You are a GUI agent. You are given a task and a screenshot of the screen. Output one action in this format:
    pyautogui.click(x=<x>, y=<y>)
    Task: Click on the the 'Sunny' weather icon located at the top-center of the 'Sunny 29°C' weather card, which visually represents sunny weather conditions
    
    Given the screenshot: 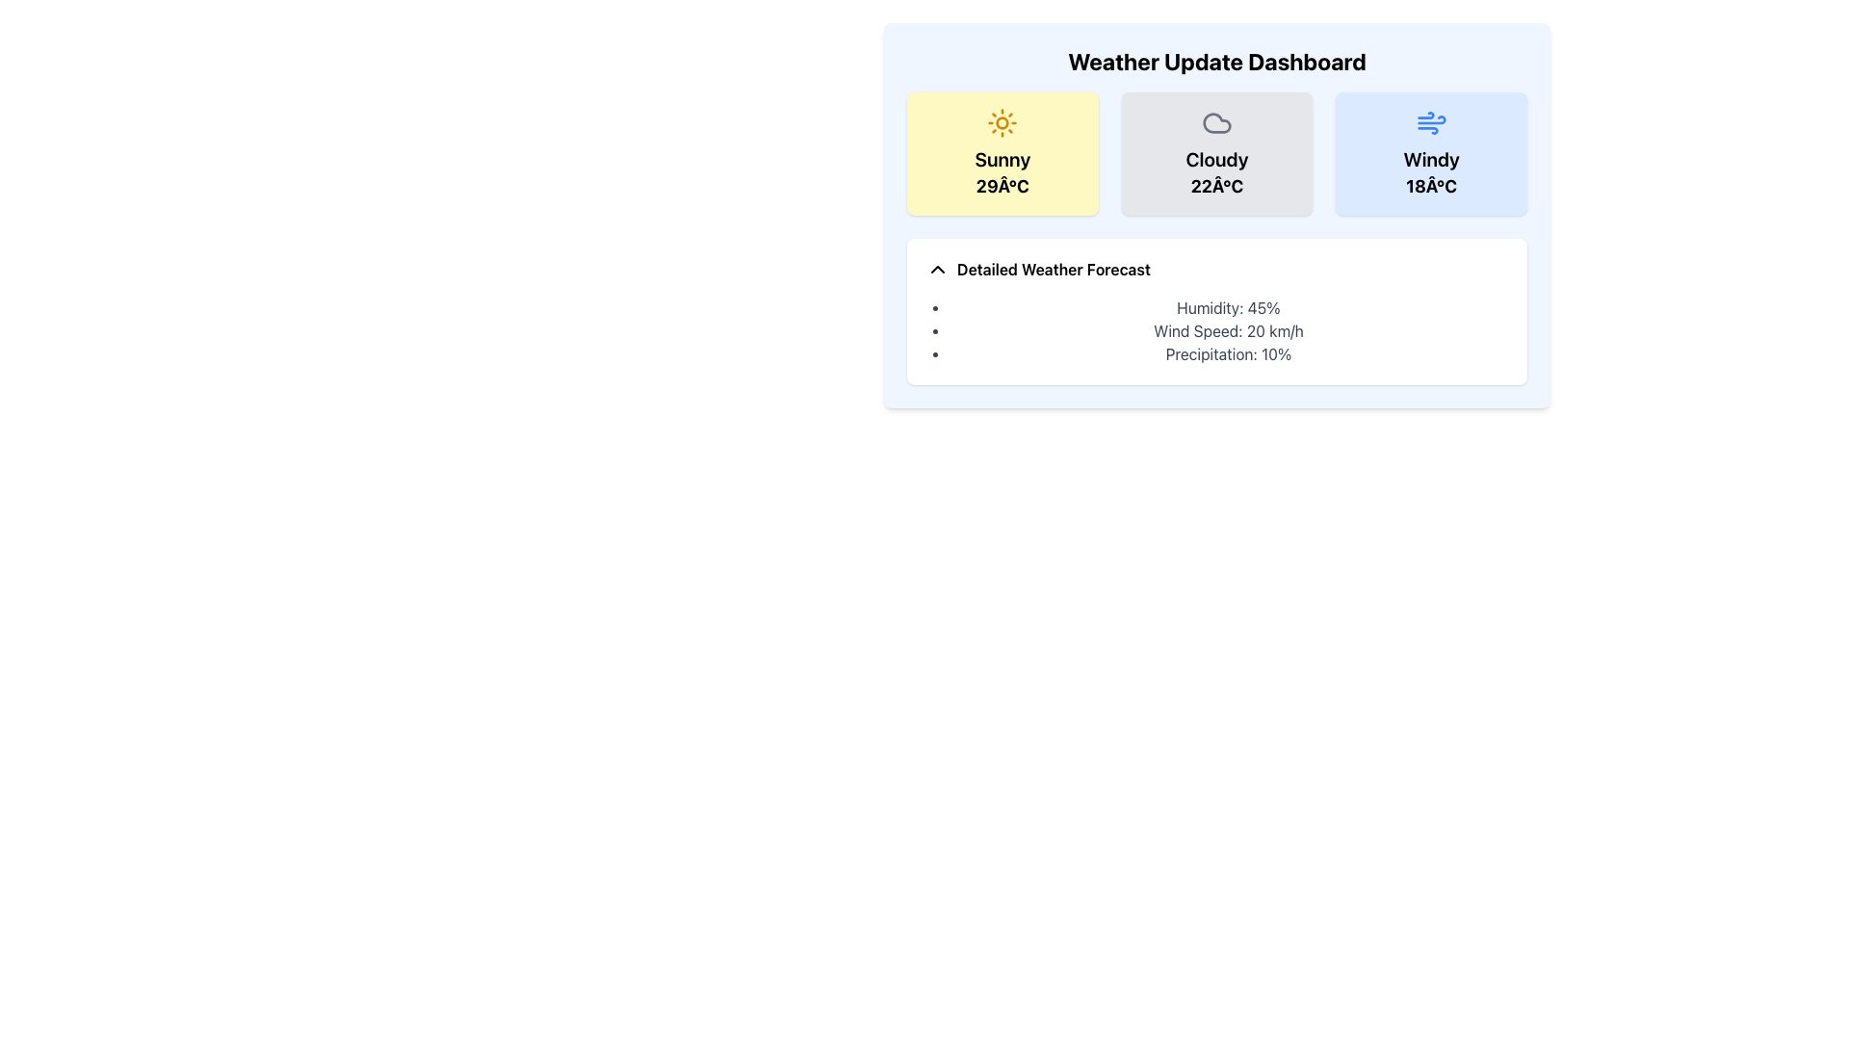 What is the action you would take?
    pyautogui.click(x=1002, y=122)
    